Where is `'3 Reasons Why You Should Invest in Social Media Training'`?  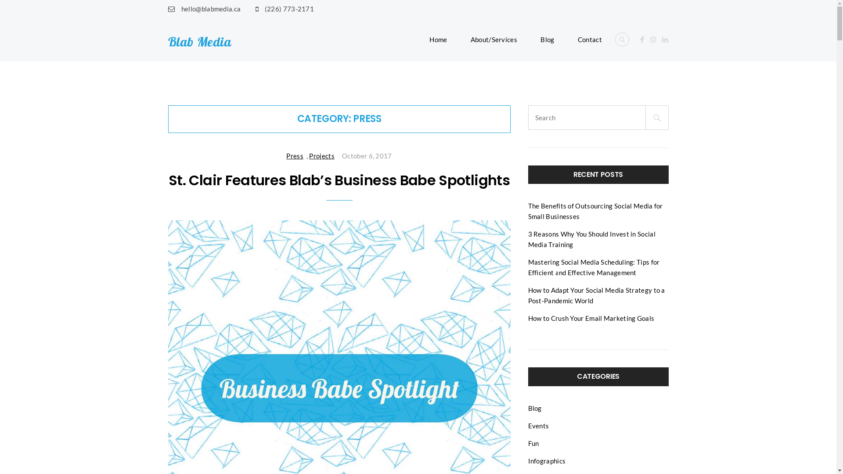
'3 Reasons Why You Should Invest in Social Media Training' is located at coordinates (591, 239).